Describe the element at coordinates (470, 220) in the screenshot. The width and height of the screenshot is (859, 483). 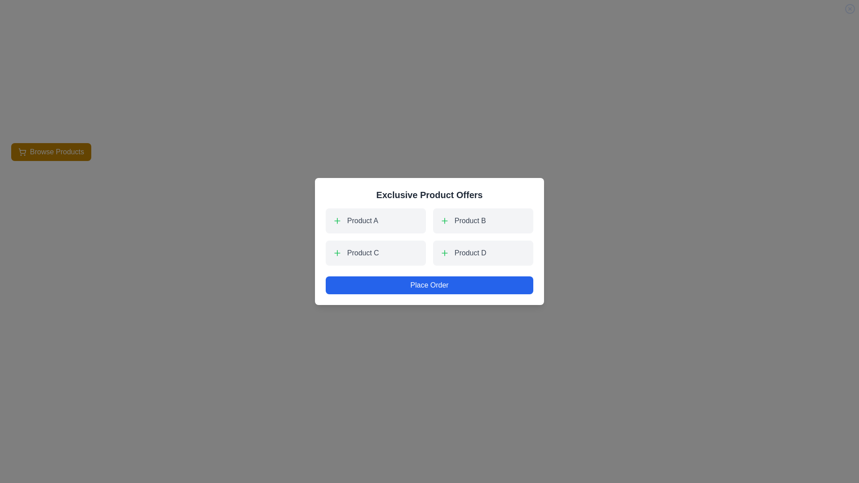
I see `the text label displaying 'Product B' in gray font, located in the upper-right area of the dialog box 'Exclusive Product Offers', next to a green-colored plus sign icon` at that location.